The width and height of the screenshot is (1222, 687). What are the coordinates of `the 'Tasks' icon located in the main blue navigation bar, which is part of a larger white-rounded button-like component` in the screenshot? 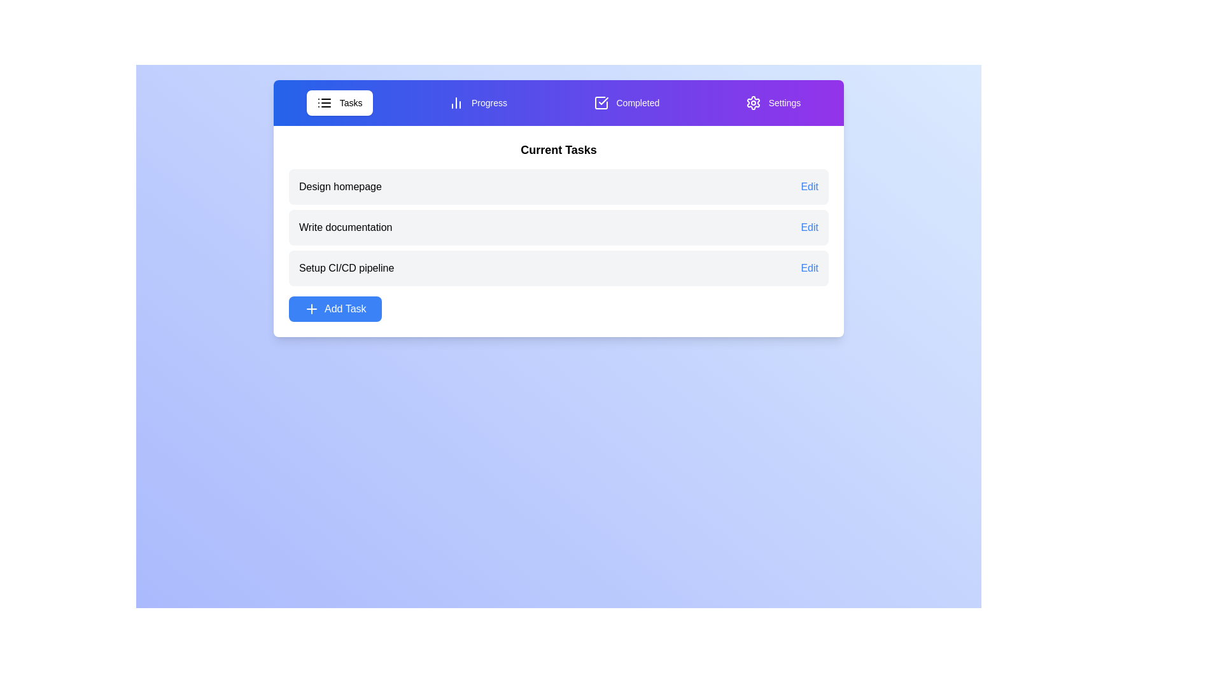 It's located at (324, 102).